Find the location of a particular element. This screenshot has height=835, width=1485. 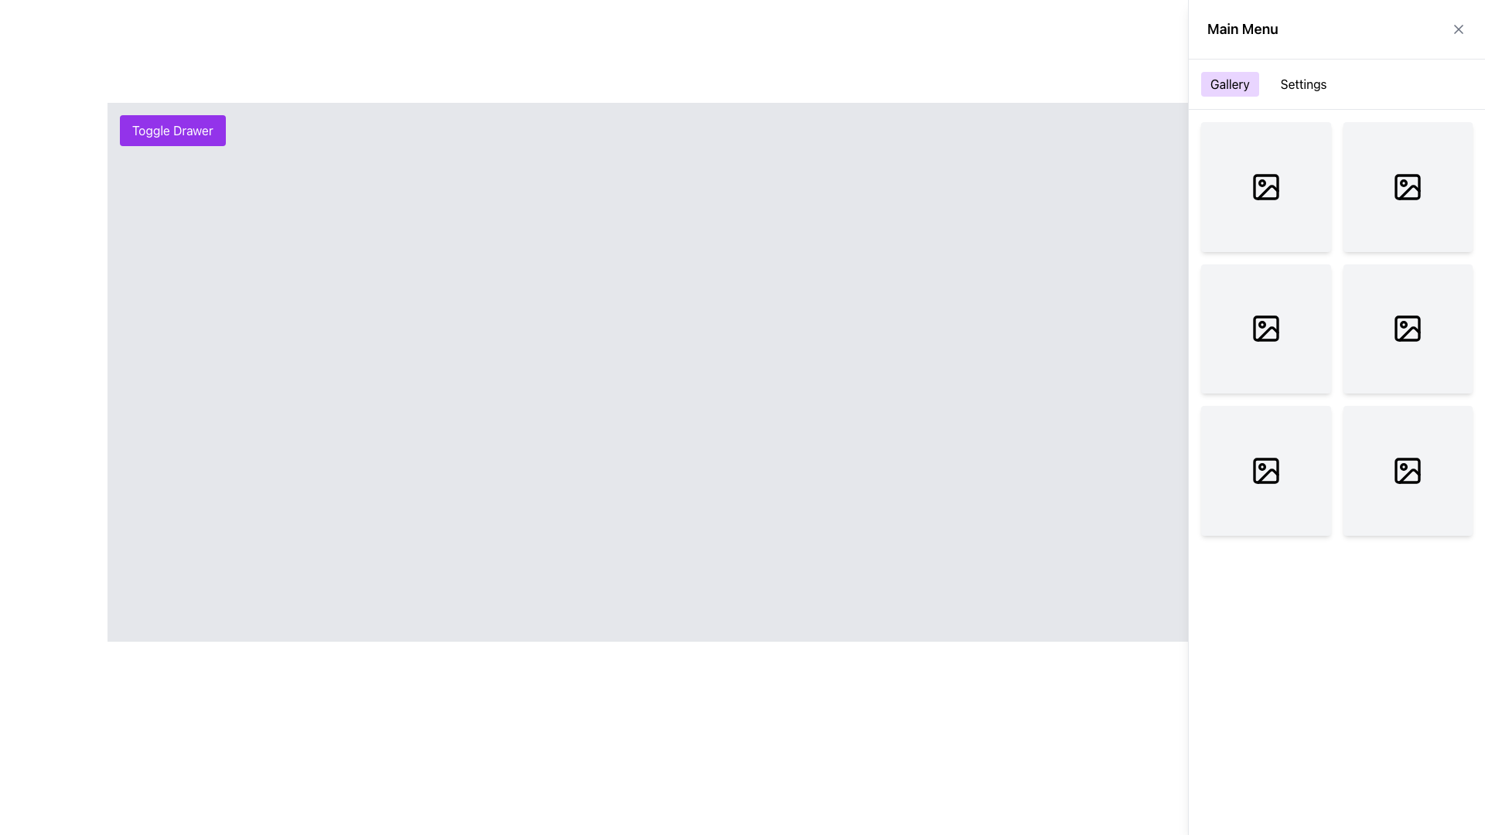

the SVG rectangle element that represents the top-right image icon in the gallery grid is located at coordinates (1408, 186).